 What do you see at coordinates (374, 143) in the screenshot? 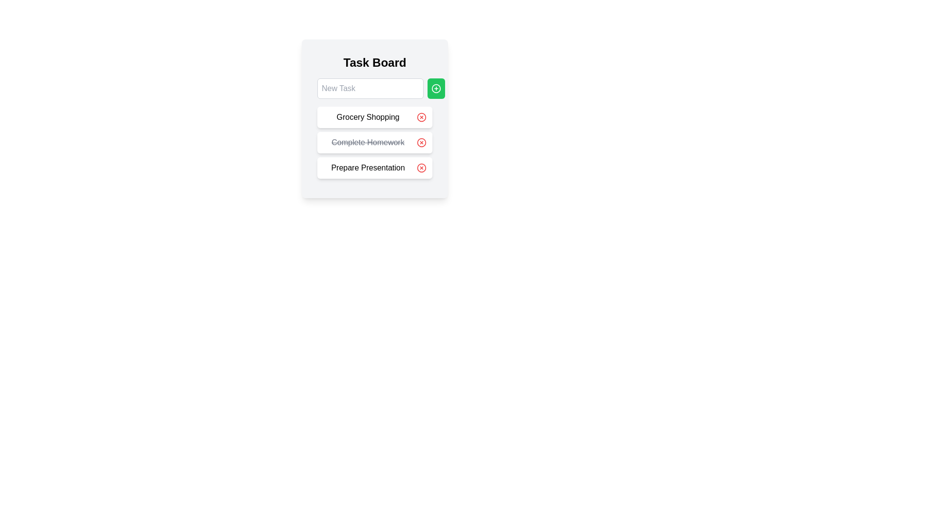
I see `the text of the second task in the list, which is displayed within a rectangular box under the 'Task Board' labeled as 'Grocery Shopping' and 'Prepare Presentation'` at bounding box center [374, 143].